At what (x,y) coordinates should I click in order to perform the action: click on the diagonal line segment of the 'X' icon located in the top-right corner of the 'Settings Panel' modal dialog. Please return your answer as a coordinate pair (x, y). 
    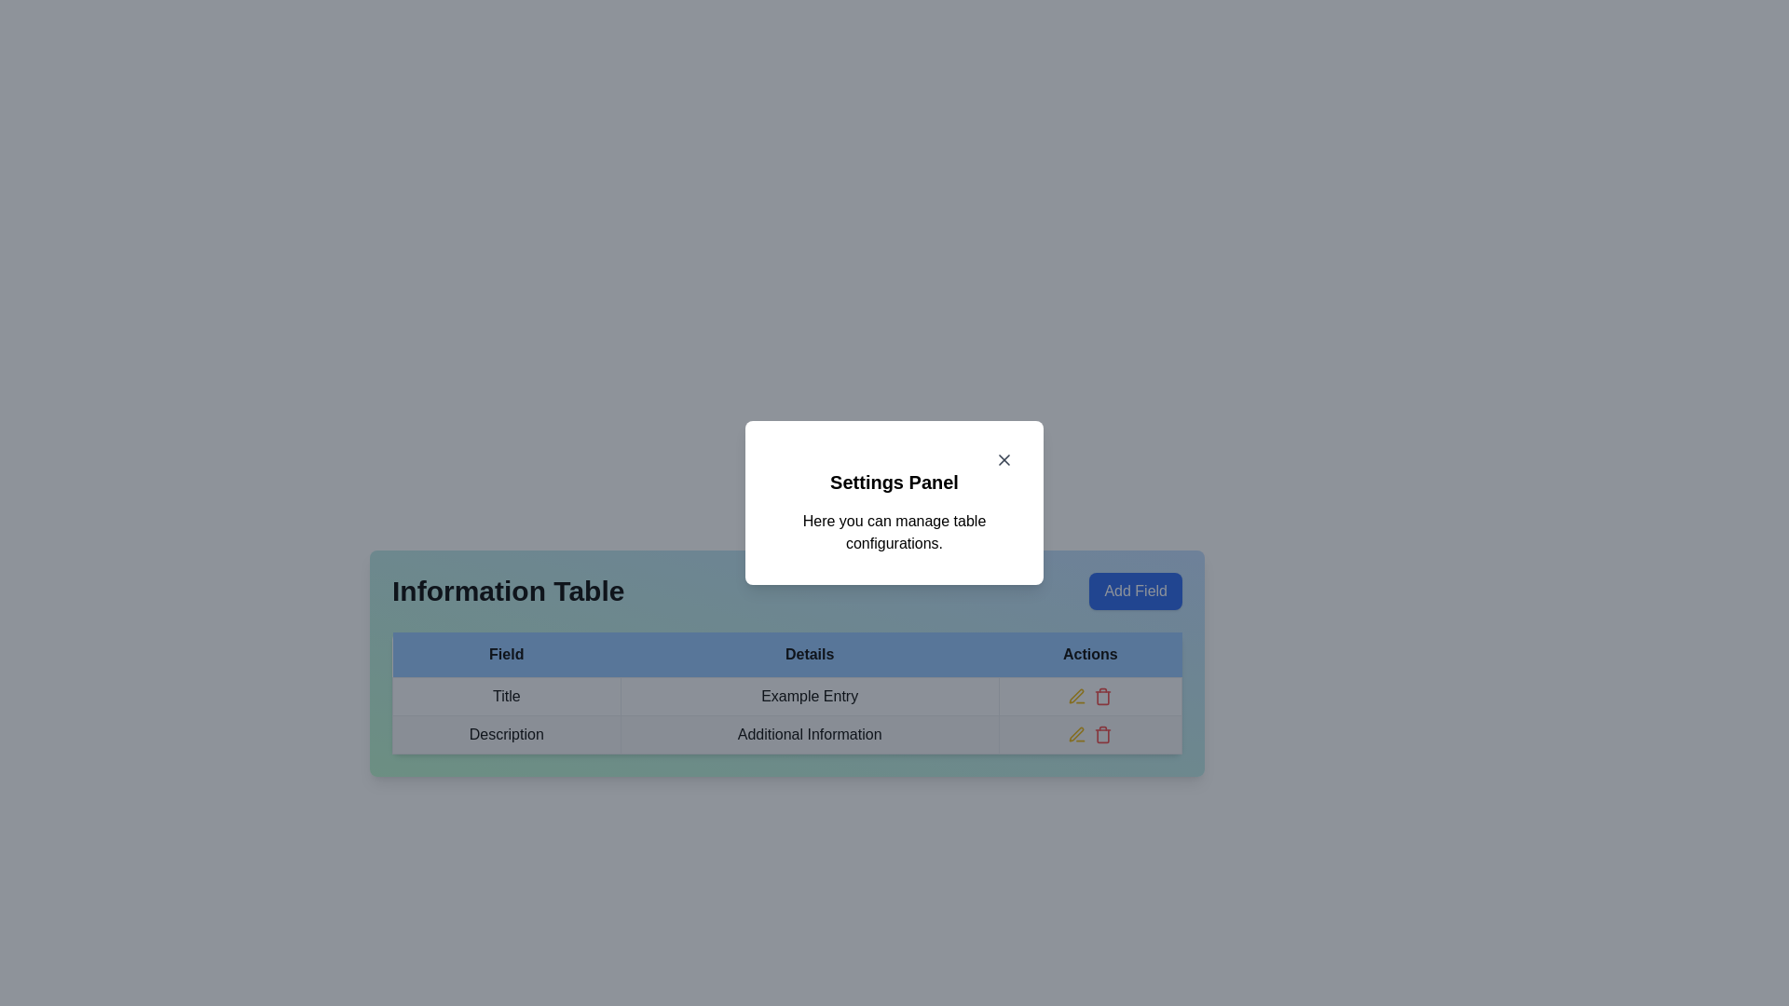
    Looking at the image, I should click on (1004, 459).